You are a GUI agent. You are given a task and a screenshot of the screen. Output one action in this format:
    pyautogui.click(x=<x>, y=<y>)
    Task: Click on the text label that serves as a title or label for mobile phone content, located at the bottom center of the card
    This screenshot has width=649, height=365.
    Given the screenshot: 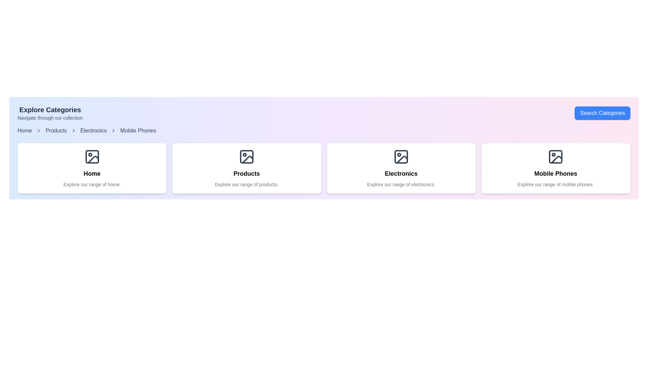 What is the action you would take?
    pyautogui.click(x=556, y=173)
    